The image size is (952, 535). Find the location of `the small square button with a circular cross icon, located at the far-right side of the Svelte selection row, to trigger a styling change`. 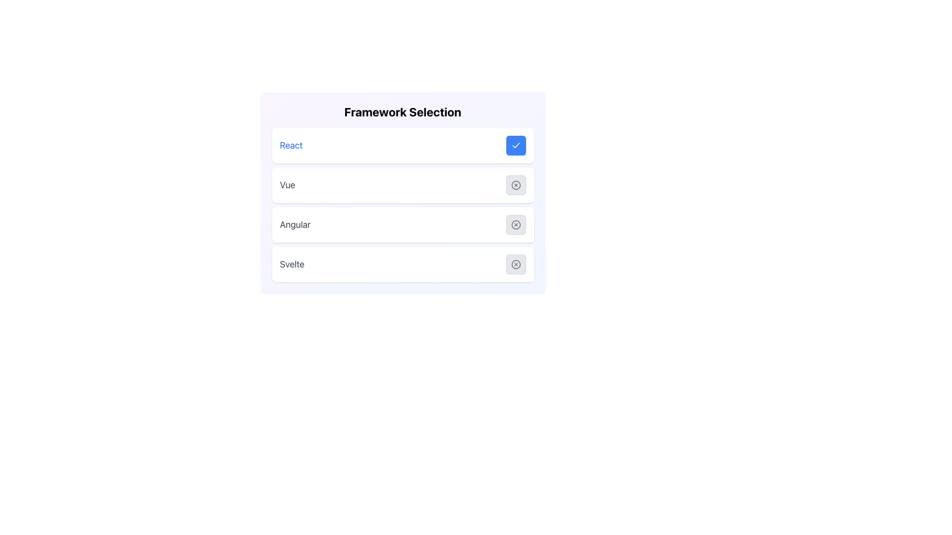

the small square button with a circular cross icon, located at the far-right side of the Svelte selection row, to trigger a styling change is located at coordinates (516, 264).